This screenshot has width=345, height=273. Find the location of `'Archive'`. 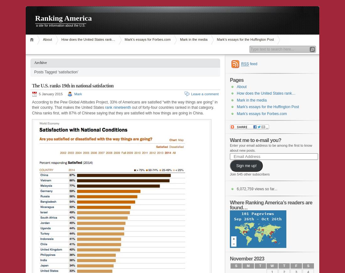

'Archive' is located at coordinates (34, 62).